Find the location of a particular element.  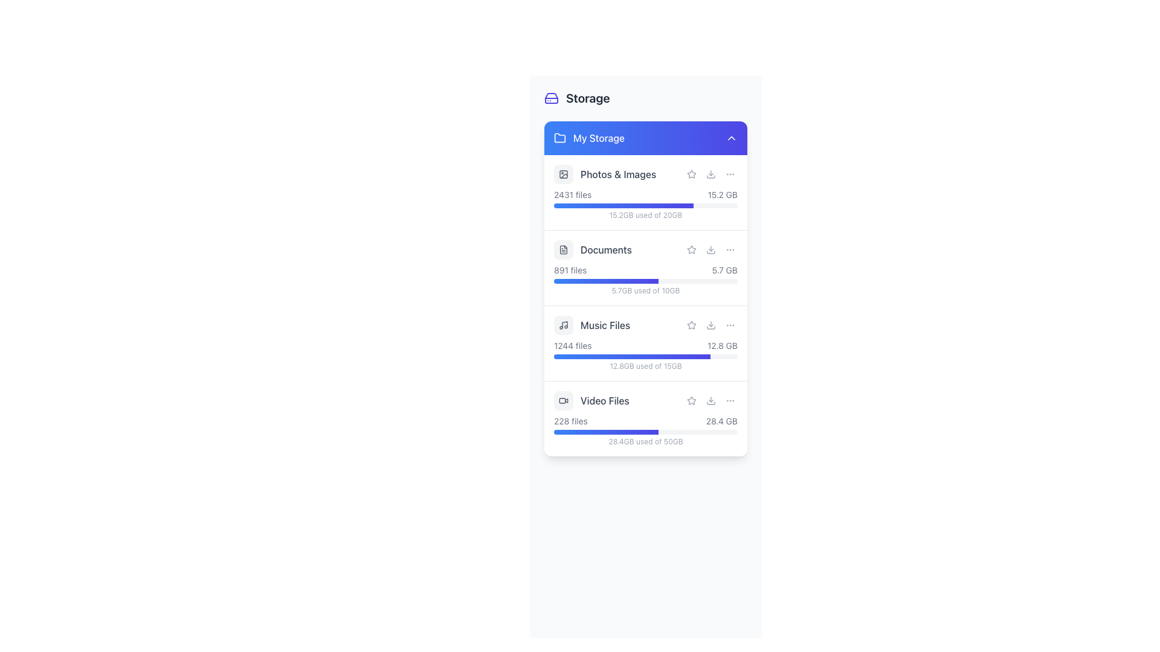

the Text Label displaying the storage space used for the 'Documents' category, which shows '5.7 GB' and is positioned to the right of '891 files' is located at coordinates (724, 269).